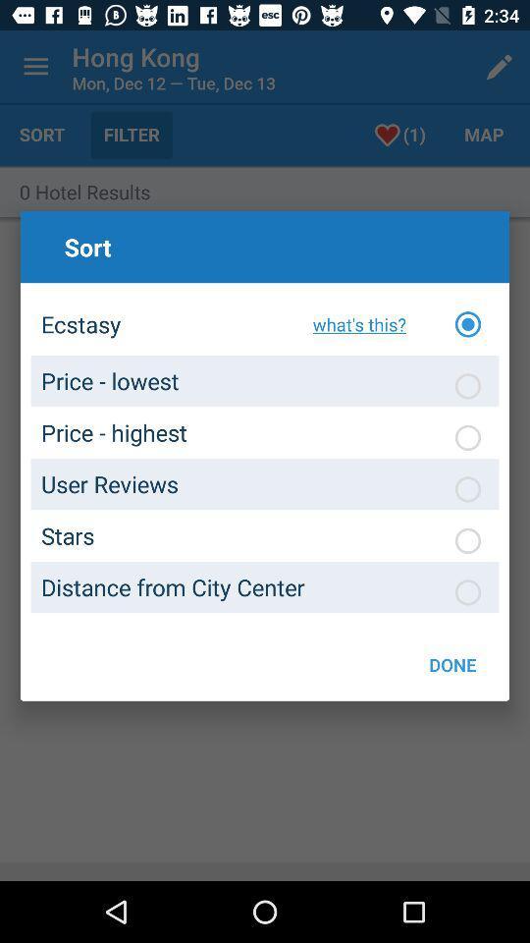 The width and height of the screenshot is (530, 943). I want to click on find user reviews, so click(466, 488).